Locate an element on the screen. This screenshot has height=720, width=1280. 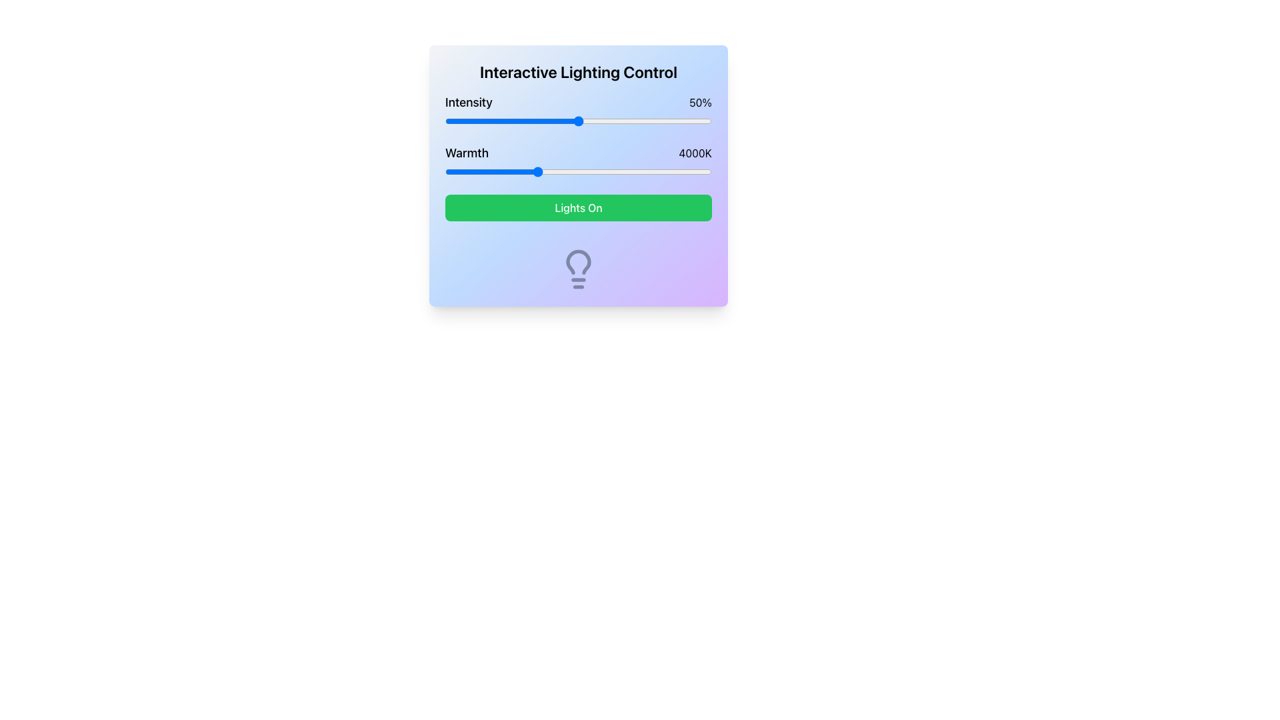
the lightbulb icon with a modern minimalist design, which is located below the 'Lights On' button is located at coordinates (579, 269).